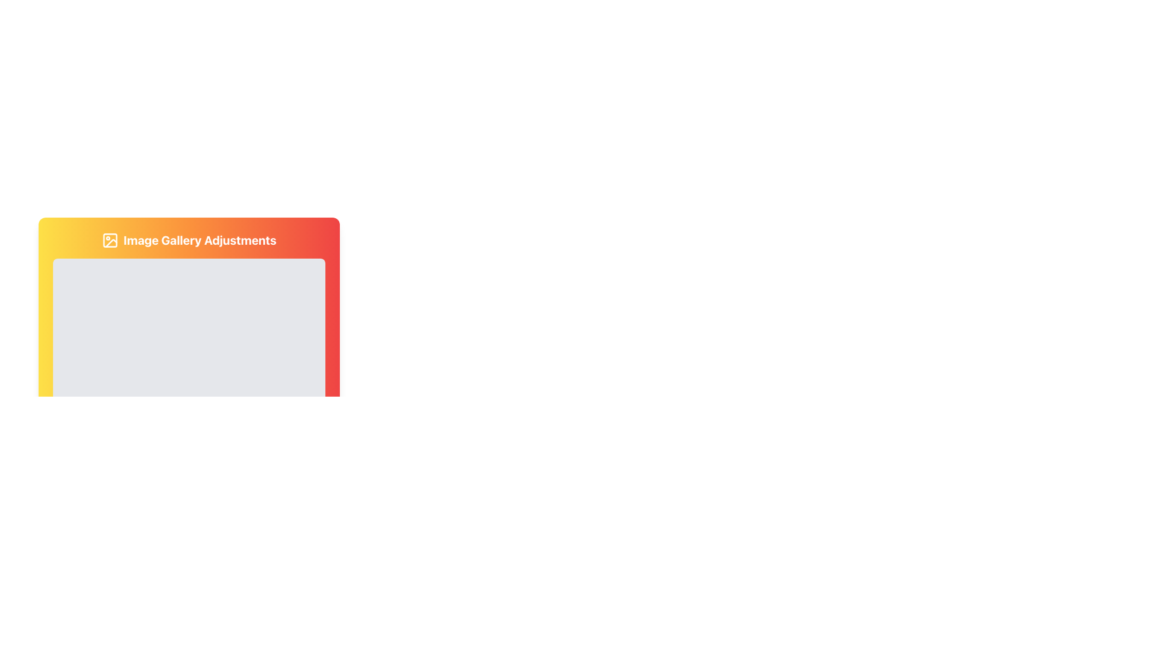 The width and height of the screenshot is (1157, 651). What do you see at coordinates (110, 240) in the screenshot?
I see `the small rounded rectangular vector graphic component located at the upper-left corner of the icon next to 'Image Gallery Adjustments'` at bounding box center [110, 240].